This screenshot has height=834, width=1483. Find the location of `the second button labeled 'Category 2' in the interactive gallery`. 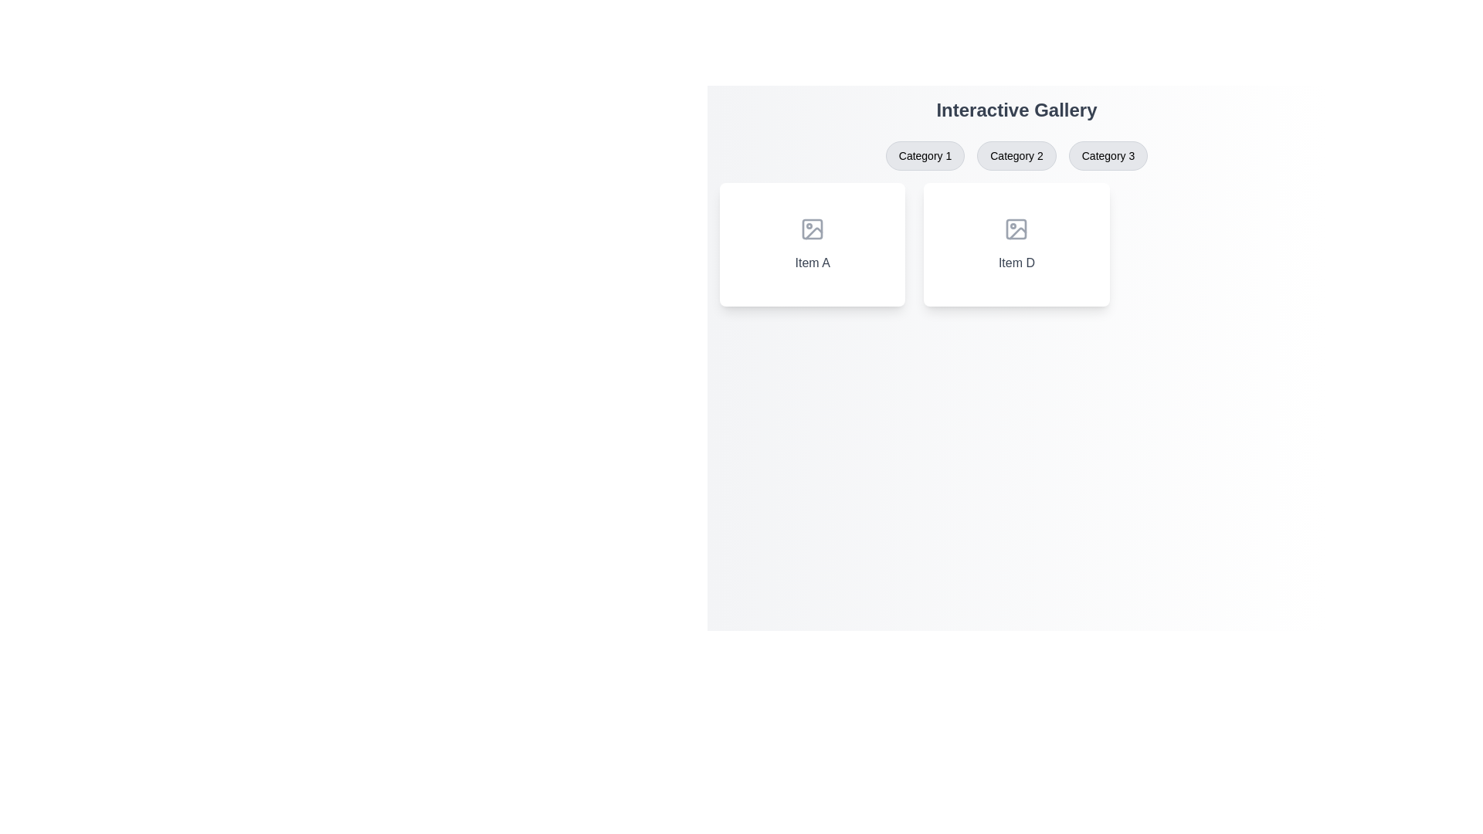

the second button labeled 'Category 2' in the interactive gallery is located at coordinates (1016, 155).